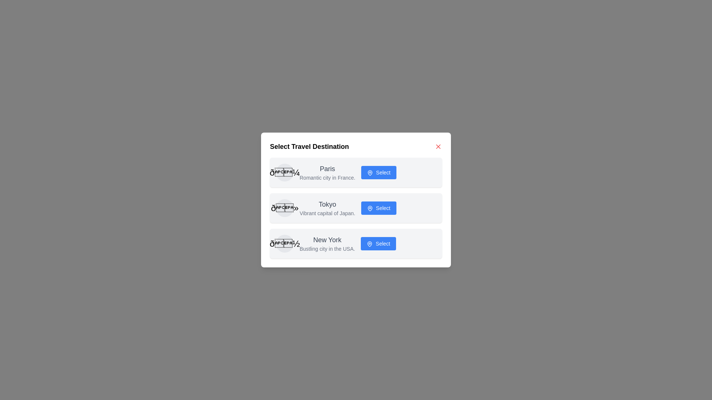 The image size is (712, 400). I want to click on 'Select' button for the destination Paris, so click(379, 173).